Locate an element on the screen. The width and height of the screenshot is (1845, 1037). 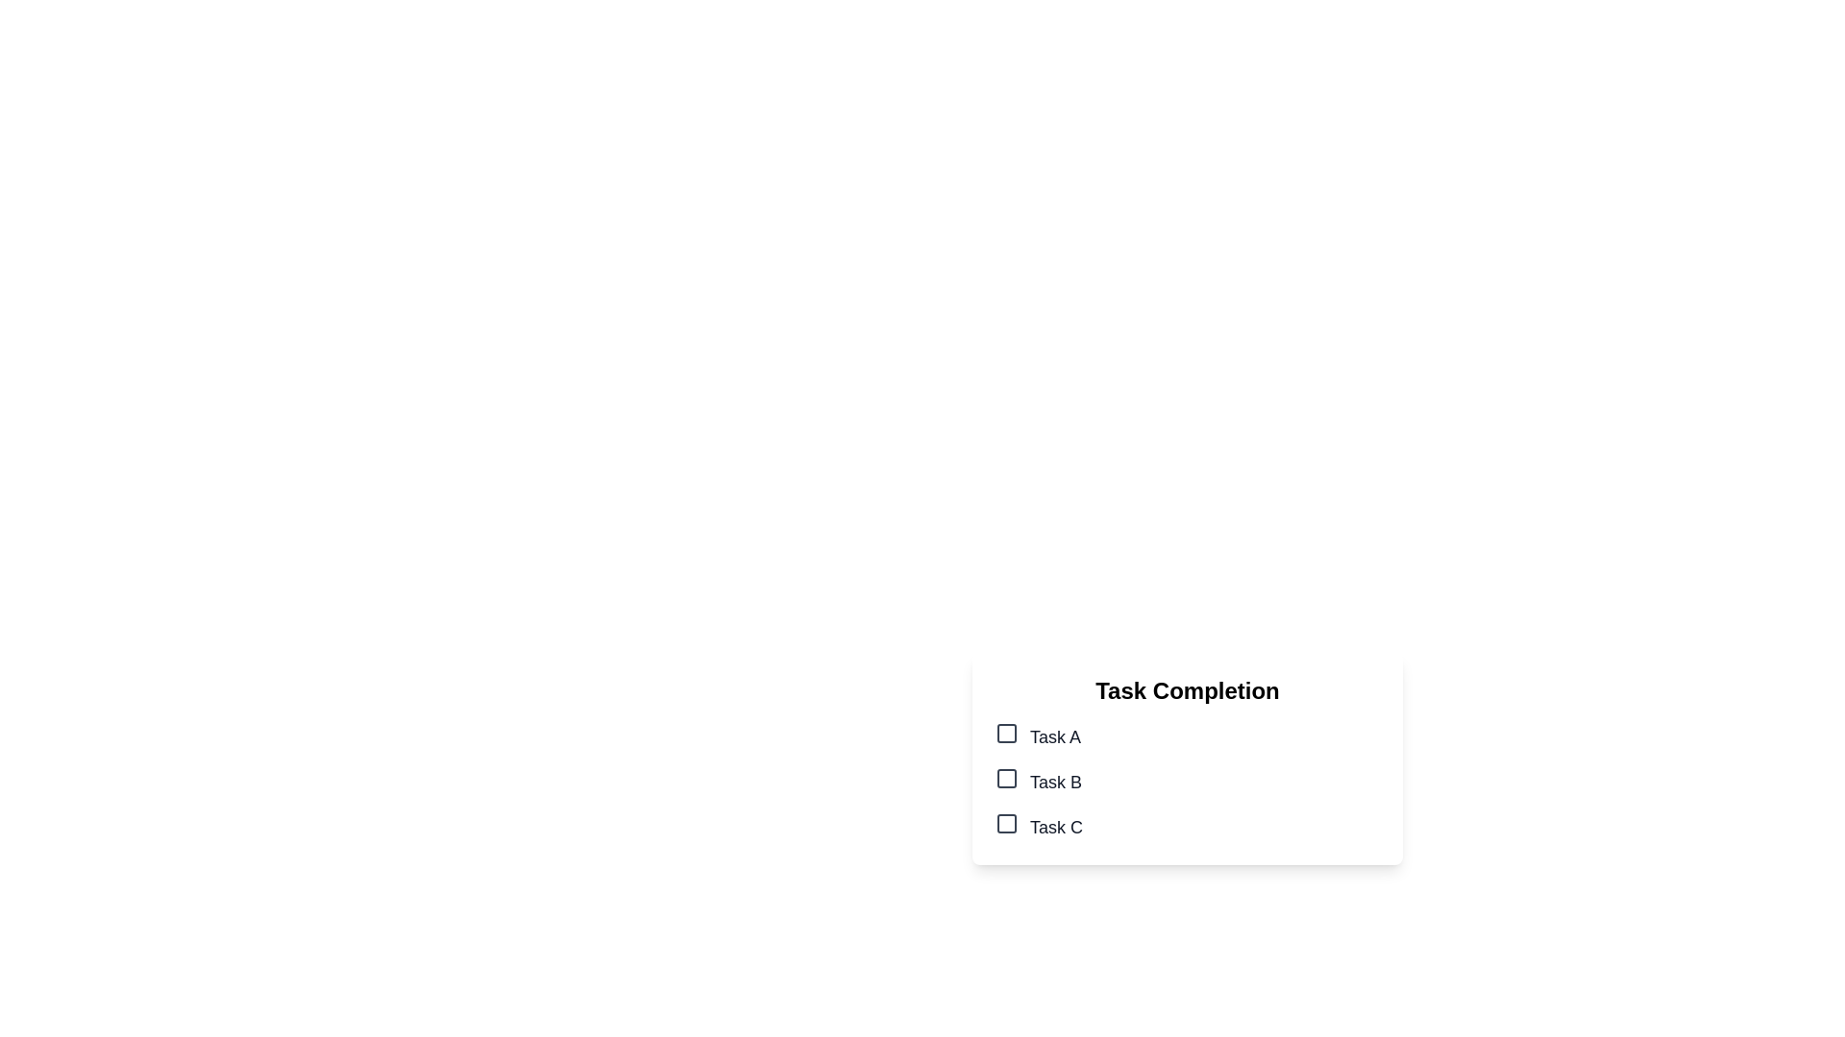
the label text for the third task in the checklist located beneath the 'Task Completion' header in the lower right area of the interface is located at coordinates (1055, 826).